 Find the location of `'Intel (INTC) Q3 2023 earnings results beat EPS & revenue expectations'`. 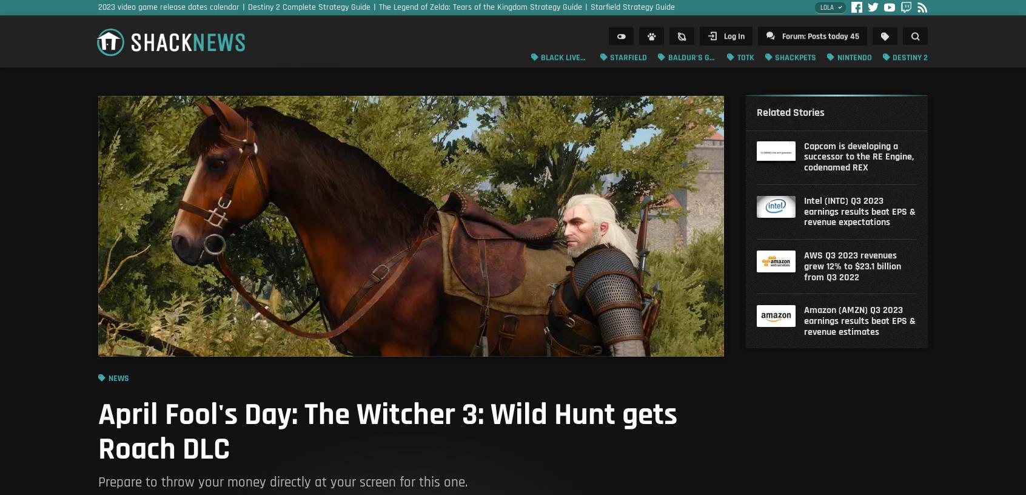

'Intel (INTC) Q3 2023 earnings results beat EPS & revenue expectations' is located at coordinates (859, 211).